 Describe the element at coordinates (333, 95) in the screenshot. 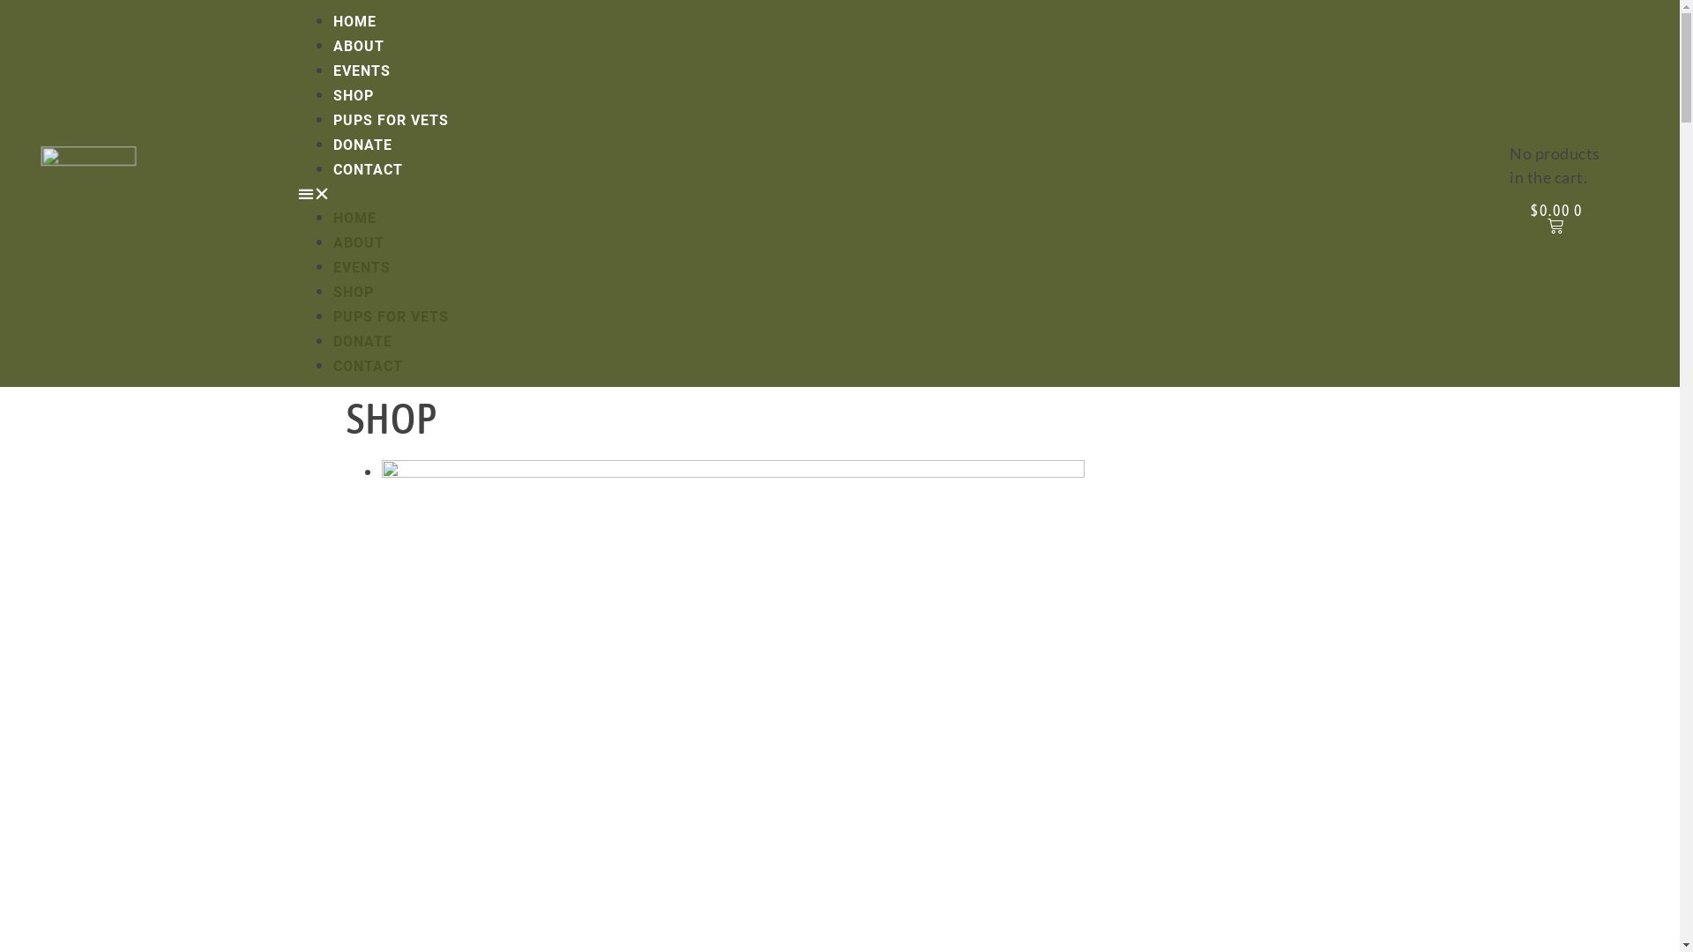

I see `'SHOP'` at that location.